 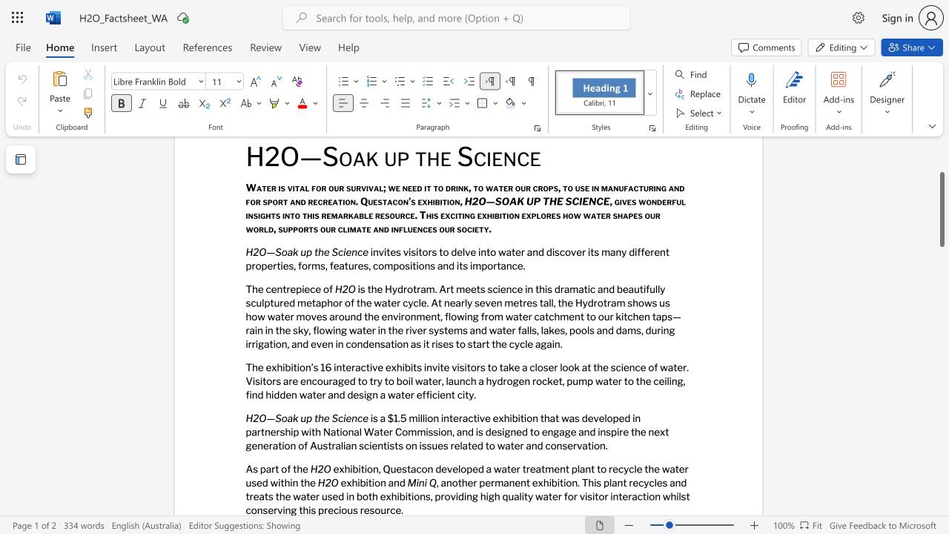 I want to click on the scrollbar and move down 1540 pixels, so click(x=941, y=209).